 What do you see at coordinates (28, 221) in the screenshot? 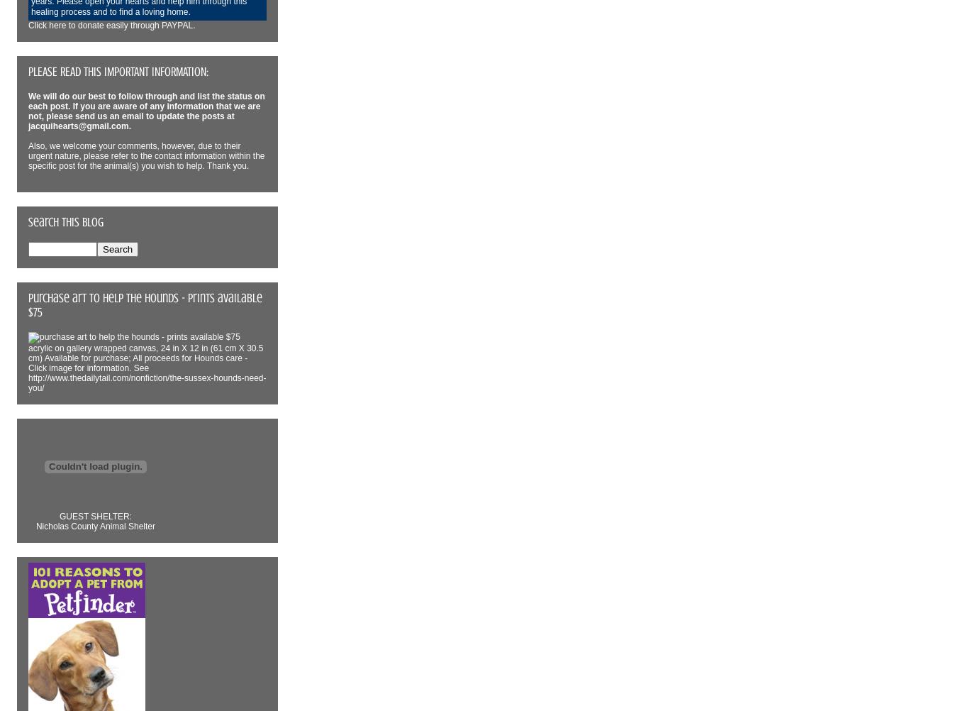
I see `'Search This Blog'` at bounding box center [28, 221].